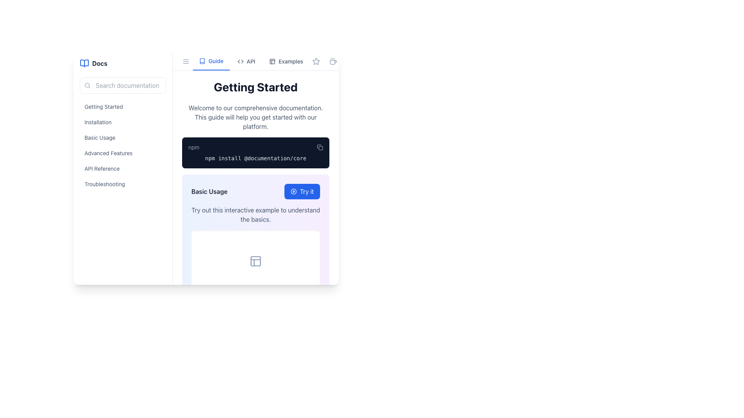 Image resolution: width=744 pixels, height=418 pixels. What do you see at coordinates (256, 152) in the screenshot?
I see `the copy icon in the code snippet box designed for displaying terminal commands, located in the 'Getting Started' section of the documentation interface` at bounding box center [256, 152].